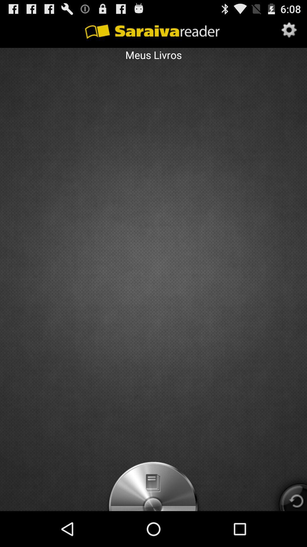 Image resolution: width=307 pixels, height=547 pixels. What do you see at coordinates (289, 32) in the screenshot?
I see `the settings icon` at bounding box center [289, 32].